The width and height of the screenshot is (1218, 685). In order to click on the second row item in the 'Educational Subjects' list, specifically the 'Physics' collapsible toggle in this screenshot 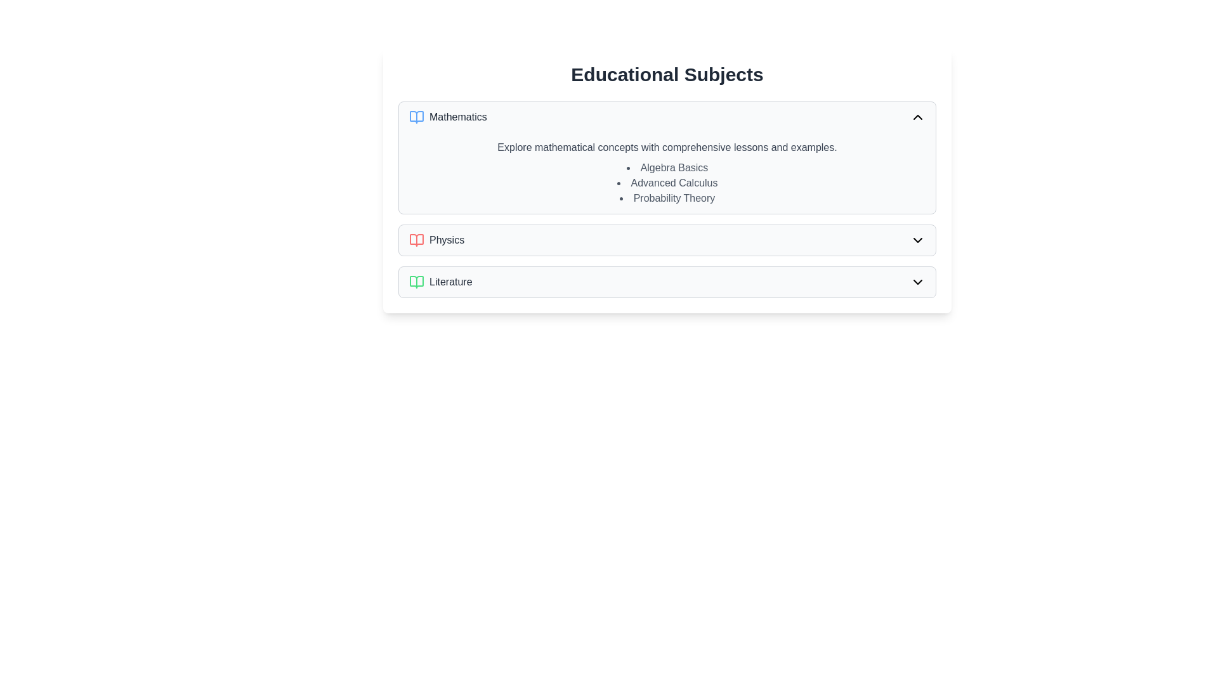, I will do `click(666, 240)`.